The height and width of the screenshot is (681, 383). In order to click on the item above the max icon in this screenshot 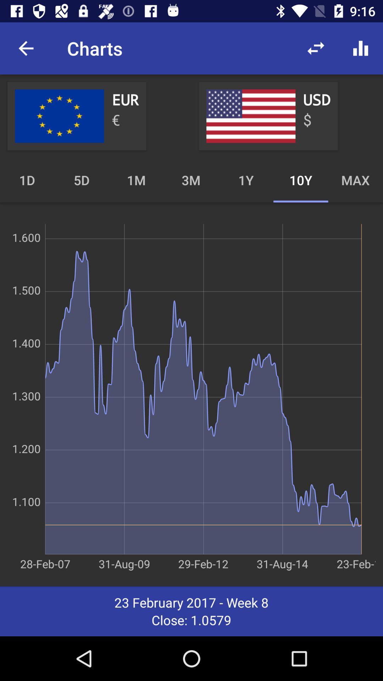, I will do `click(361, 48)`.